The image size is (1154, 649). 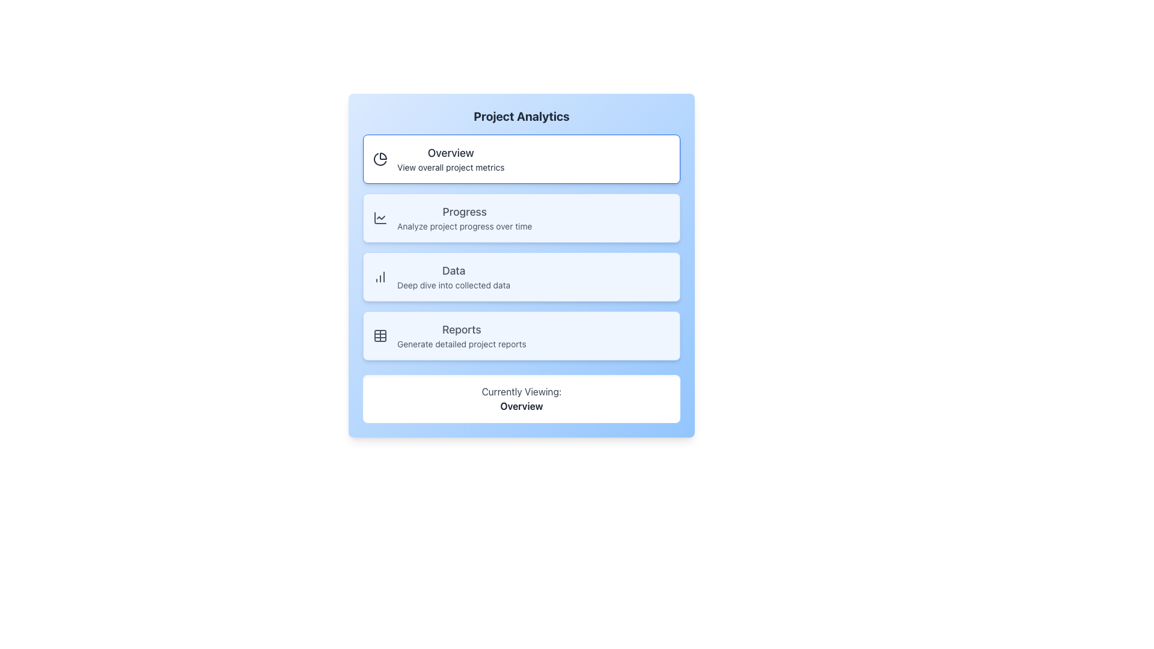 I want to click on the first button at the top of the vertical list, so click(x=522, y=159).